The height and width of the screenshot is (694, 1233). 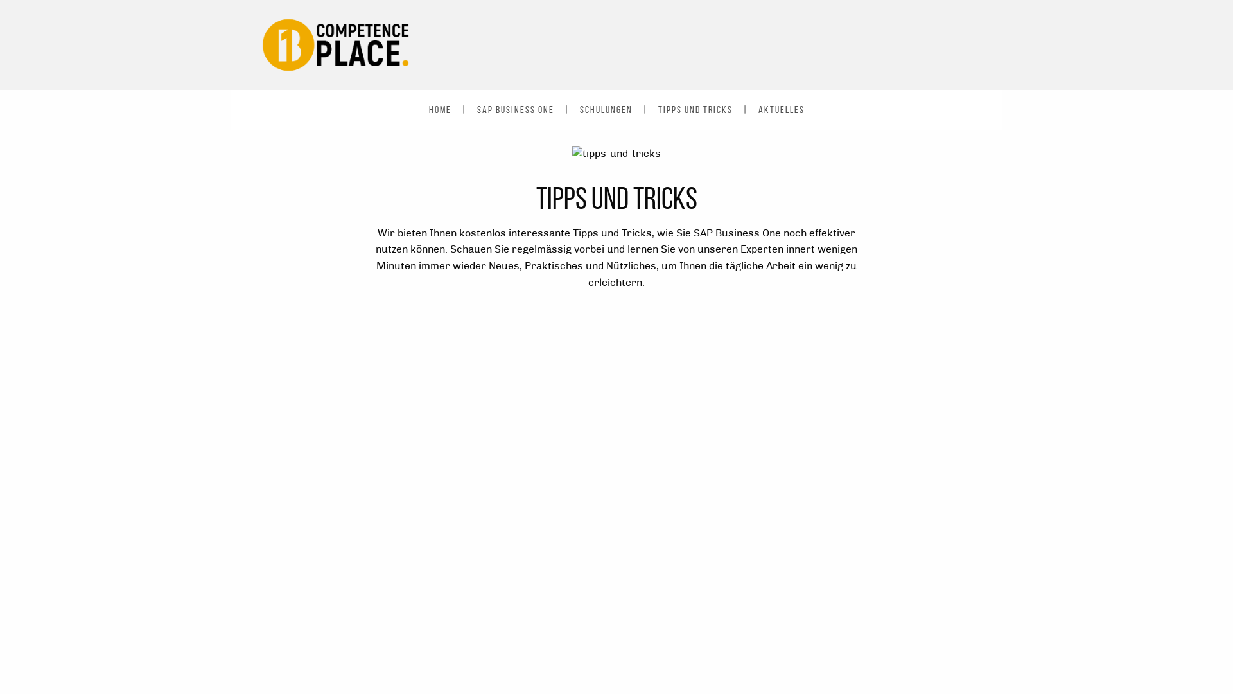 I want to click on 'Home', so click(x=440, y=109).